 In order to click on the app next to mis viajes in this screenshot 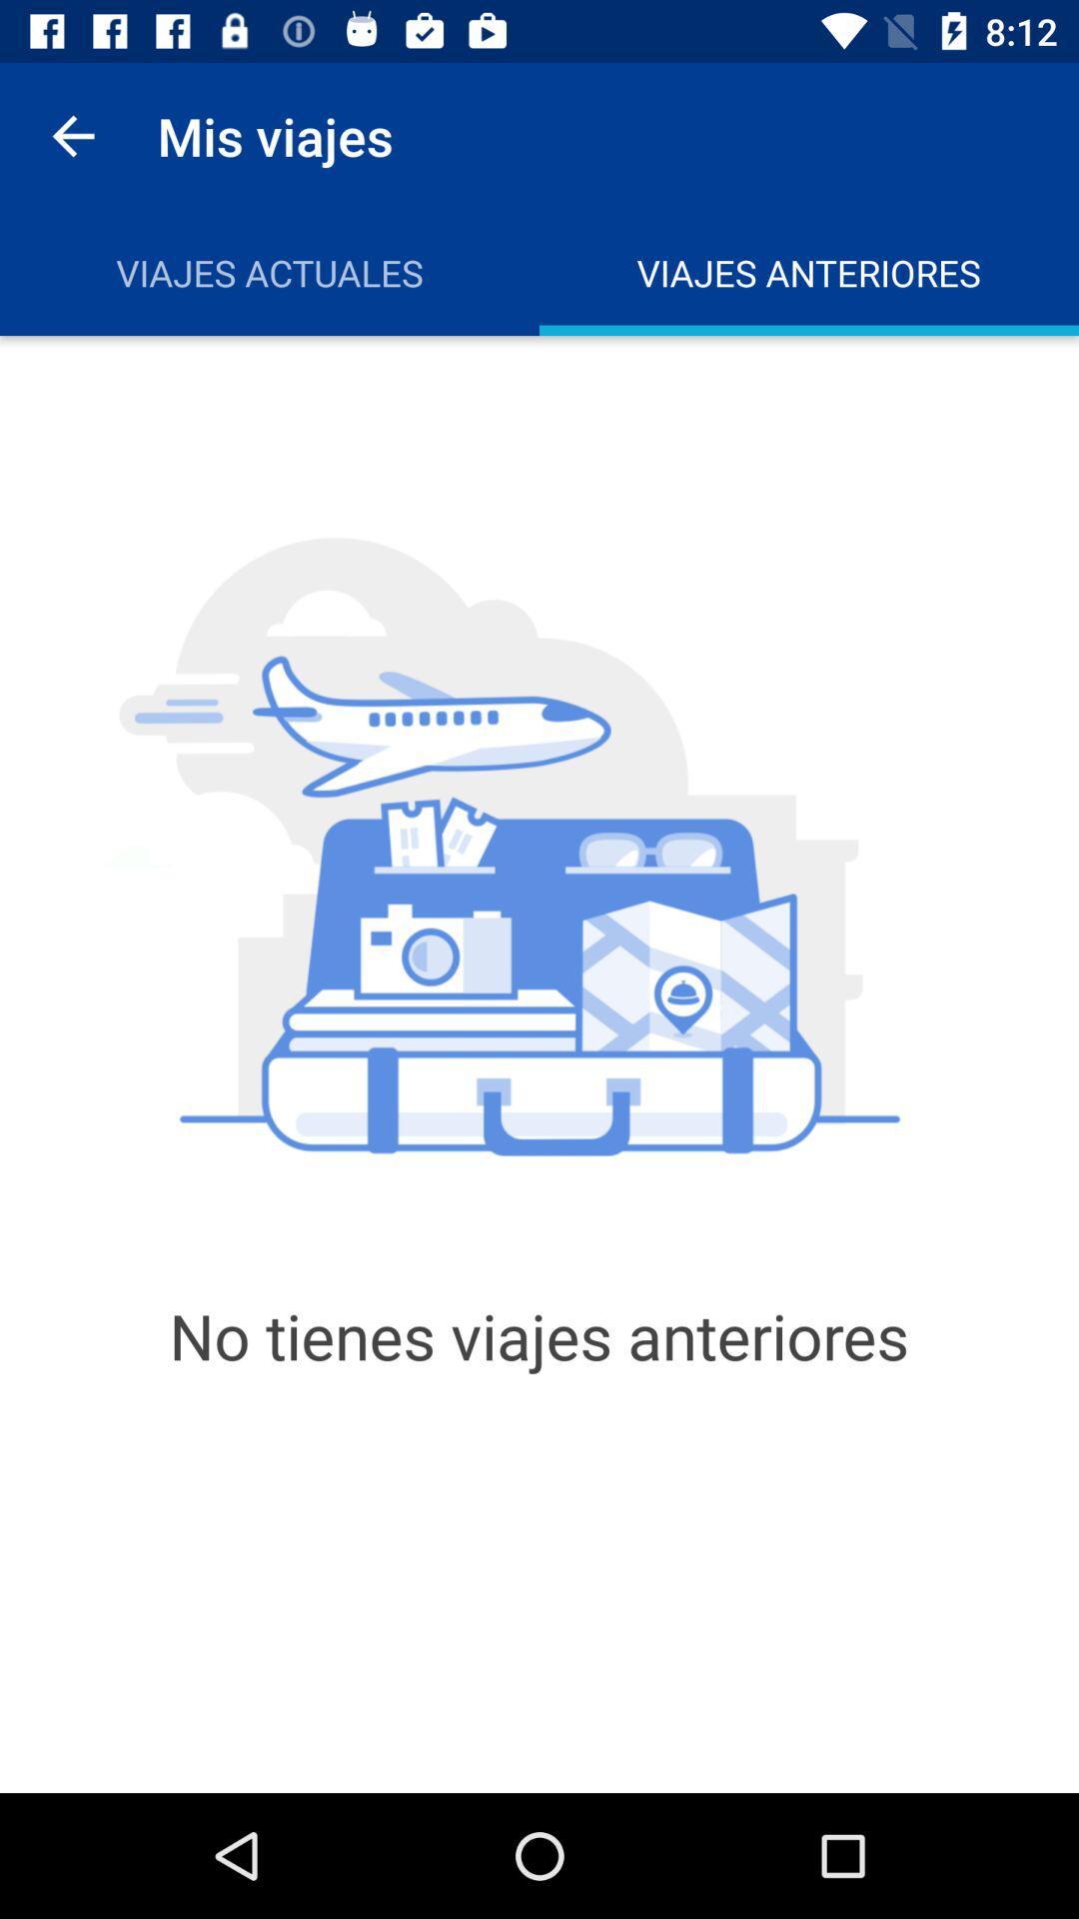, I will do `click(72, 135)`.